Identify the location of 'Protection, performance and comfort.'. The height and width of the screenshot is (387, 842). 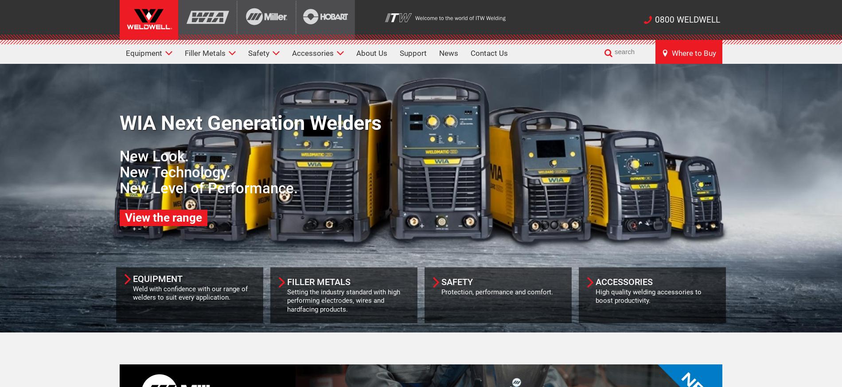
(497, 291).